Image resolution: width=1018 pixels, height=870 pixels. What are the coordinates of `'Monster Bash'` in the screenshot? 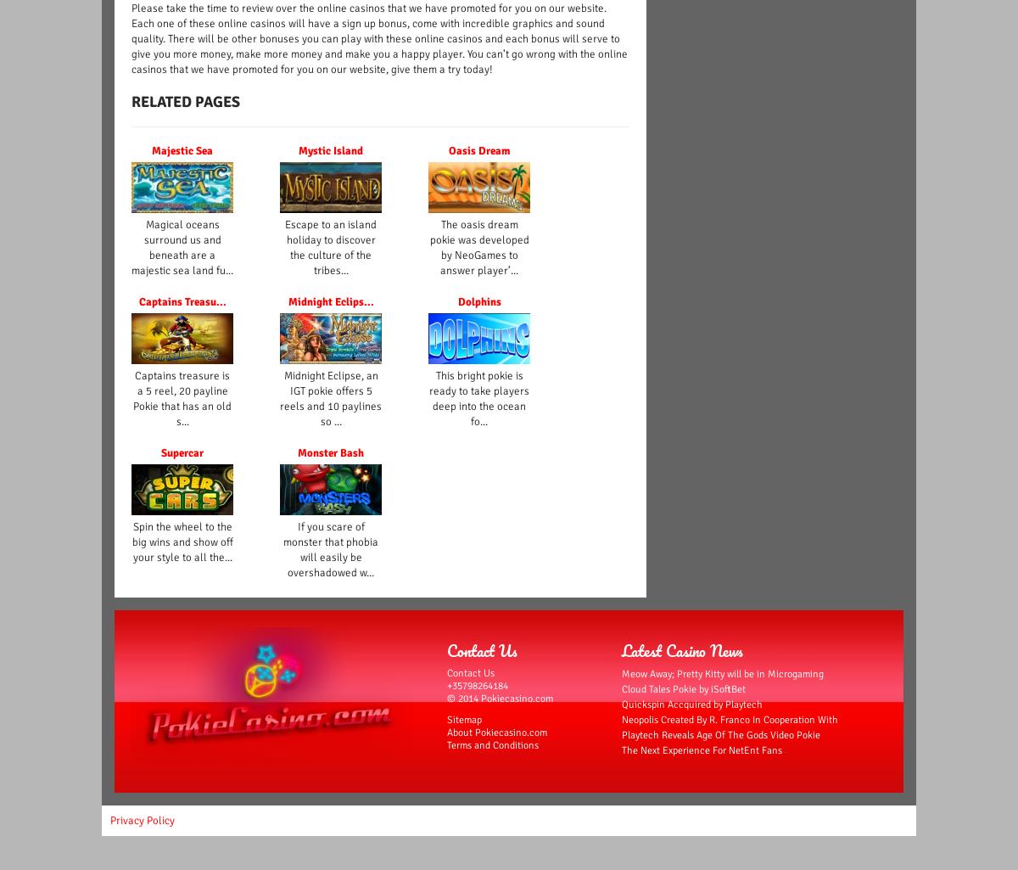 It's located at (331, 452).